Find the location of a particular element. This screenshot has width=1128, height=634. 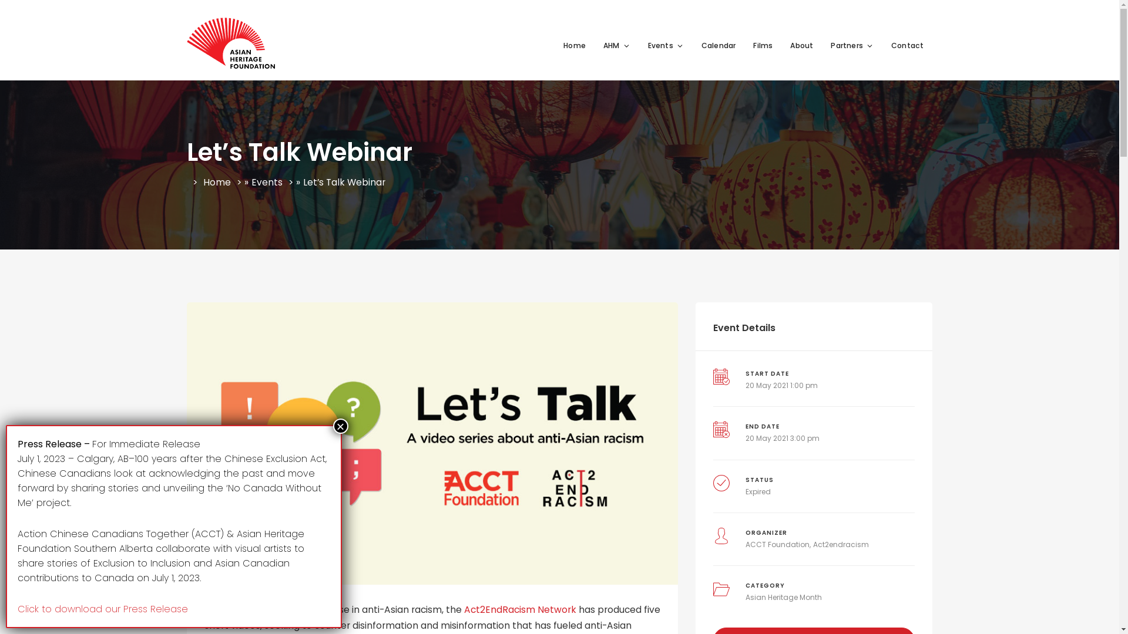

'ACCT Foundation' is located at coordinates (777, 544).